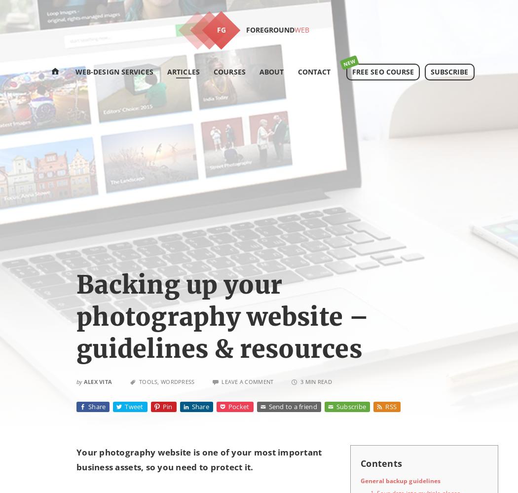  I want to click on 'Backing up your photography website – guidelines & resources', so click(76, 316).